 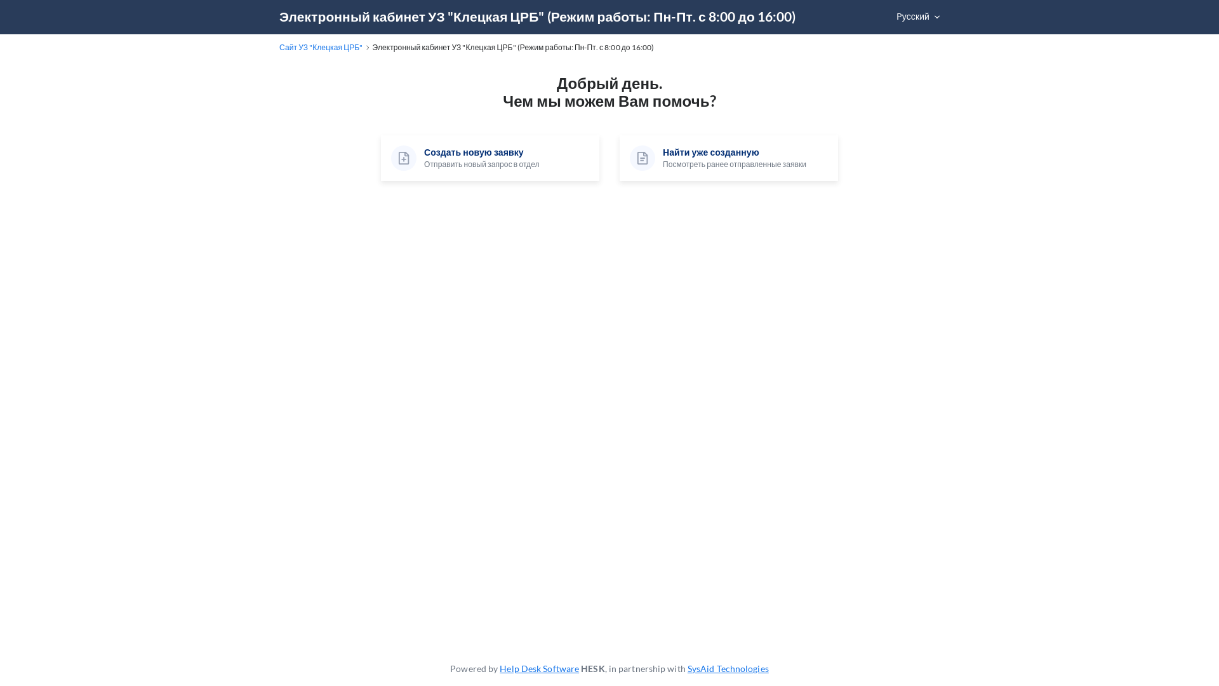 What do you see at coordinates (687, 668) in the screenshot?
I see `'SysAid Technologies'` at bounding box center [687, 668].